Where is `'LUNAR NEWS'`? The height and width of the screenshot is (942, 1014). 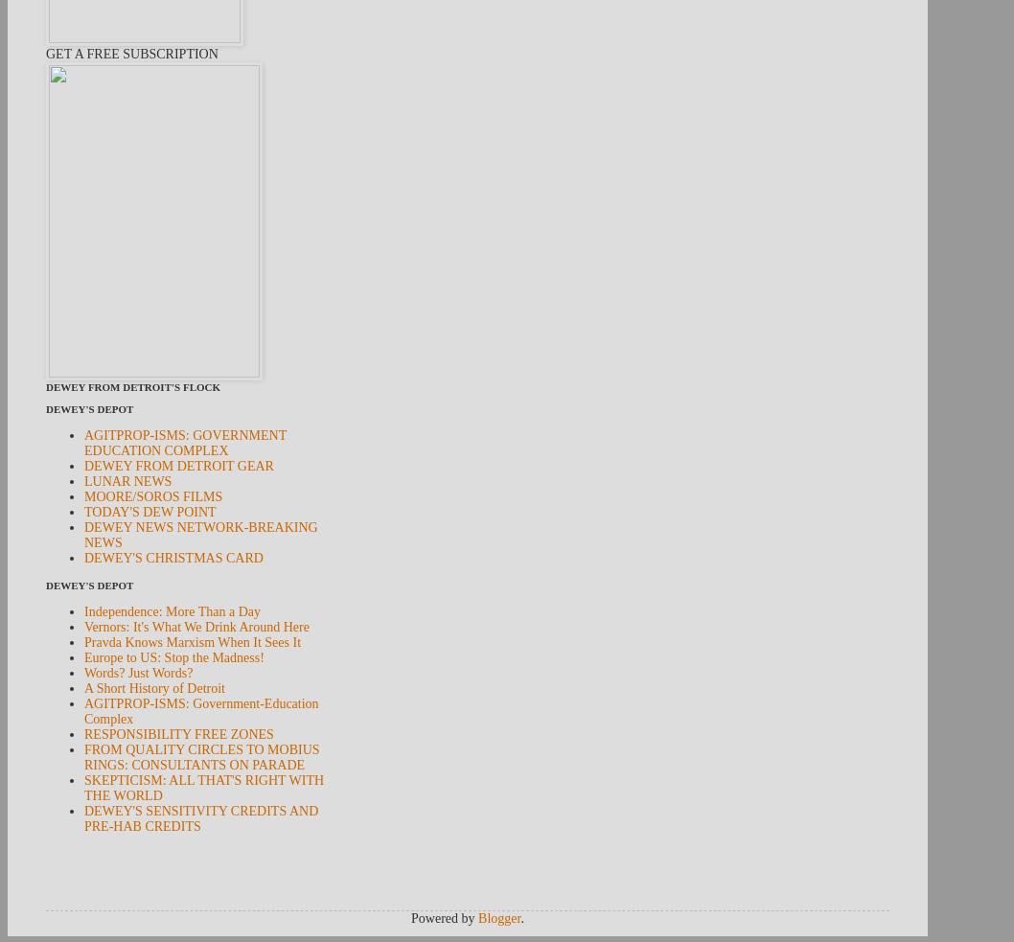
'LUNAR NEWS' is located at coordinates (127, 481).